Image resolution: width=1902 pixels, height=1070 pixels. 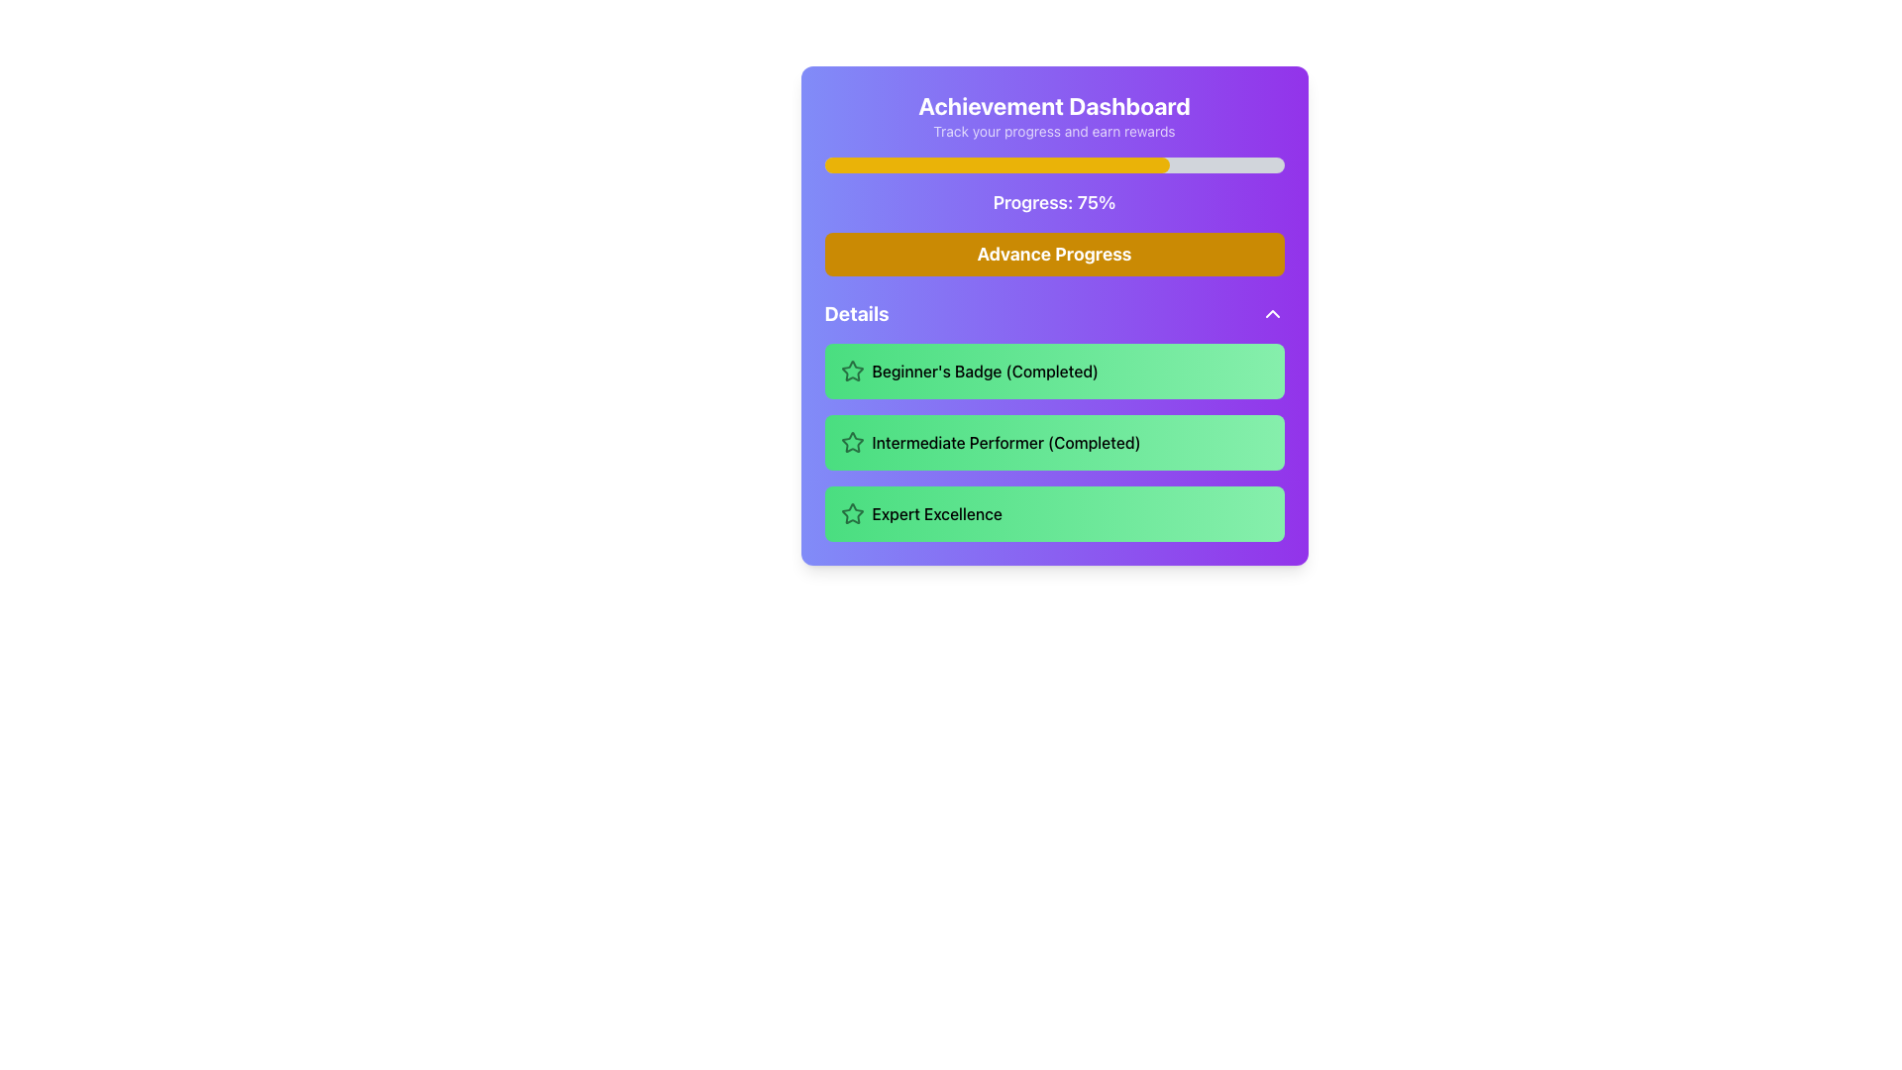 I want to click on the star-shaped icon outlined in a thin dark stroke, located in the green box labeled 'Expert Excellence' at the bottom of a vertically stacked list, so click(x=852, y=513).